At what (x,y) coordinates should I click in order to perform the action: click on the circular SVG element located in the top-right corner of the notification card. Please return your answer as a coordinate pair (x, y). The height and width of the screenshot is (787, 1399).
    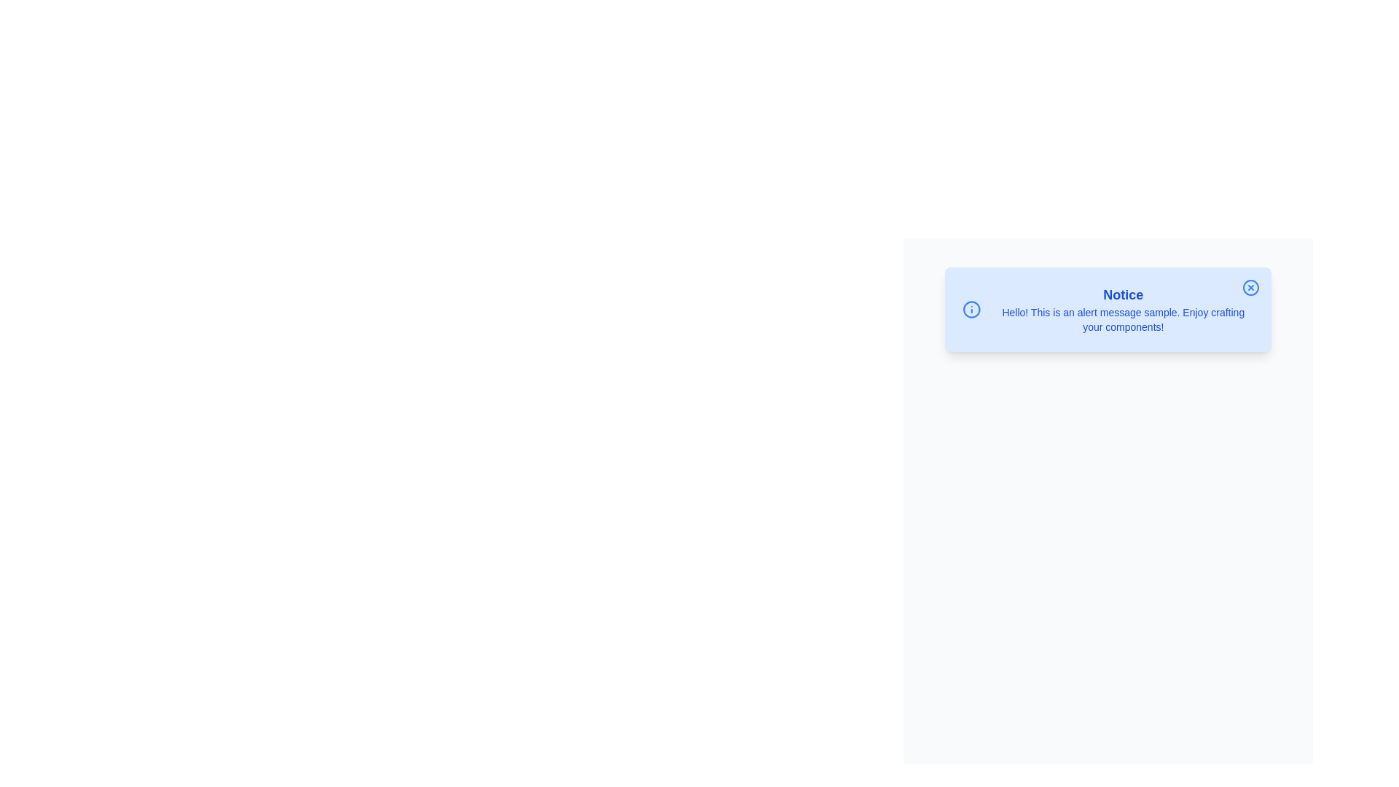
    Looking at the image, I should click on (1250, 287).